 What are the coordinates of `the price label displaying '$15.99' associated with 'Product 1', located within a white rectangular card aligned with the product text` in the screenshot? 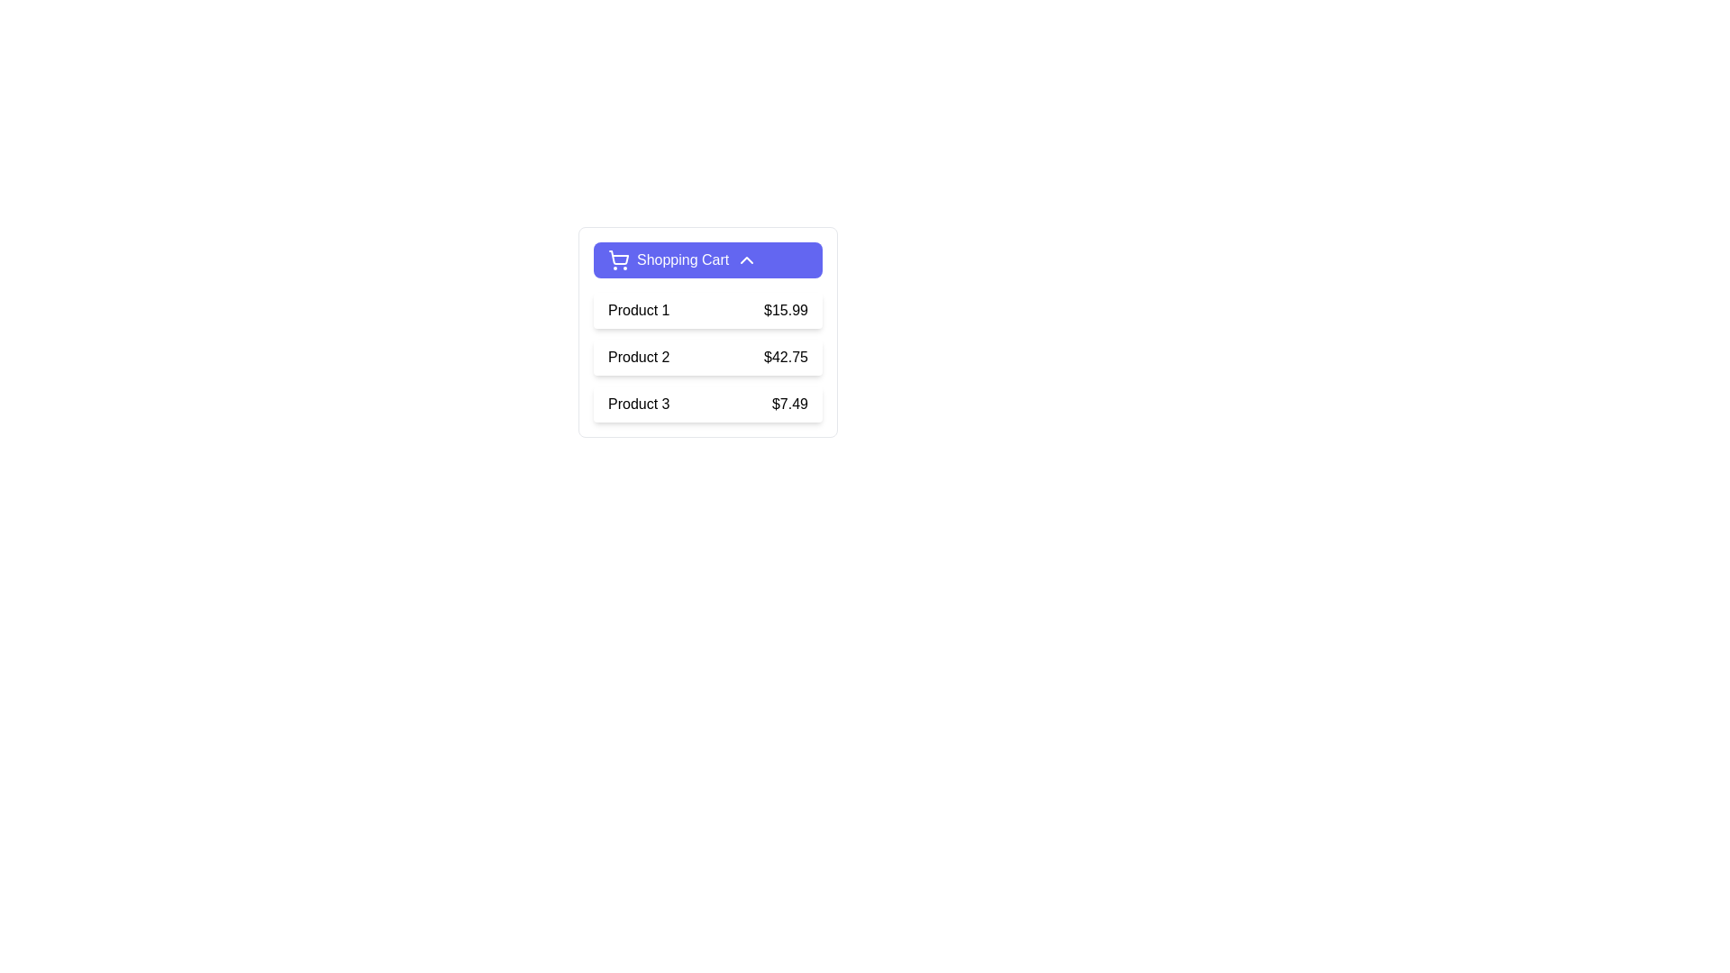 It's located at (786, 309).